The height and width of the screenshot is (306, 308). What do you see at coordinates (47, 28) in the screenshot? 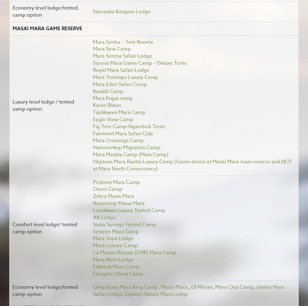
I see `'Masai Mara Game Reserve'` at bounding box center [47, 28].